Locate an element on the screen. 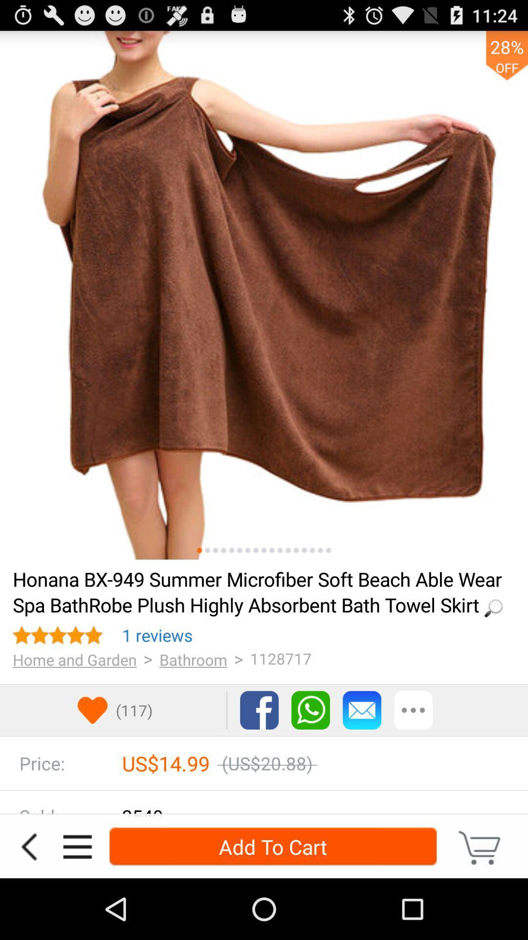  the third photo is located at coordinates (215, 550).